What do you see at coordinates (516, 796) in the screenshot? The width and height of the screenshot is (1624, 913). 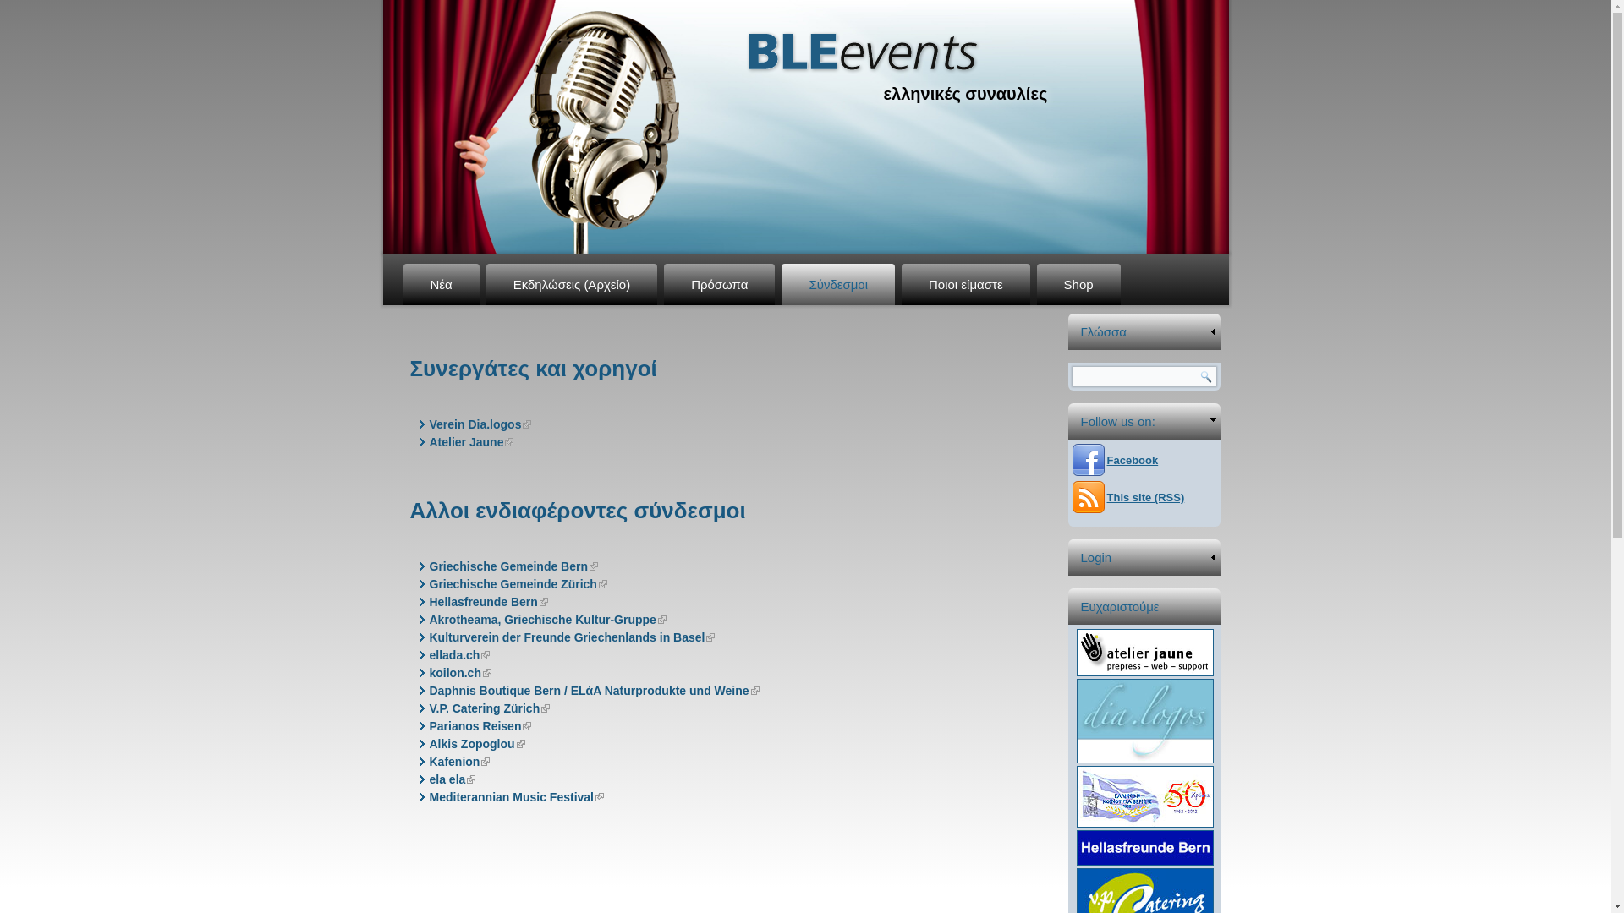 I see `'Mediterannian Music Festival` at bounding box center [516, 796].